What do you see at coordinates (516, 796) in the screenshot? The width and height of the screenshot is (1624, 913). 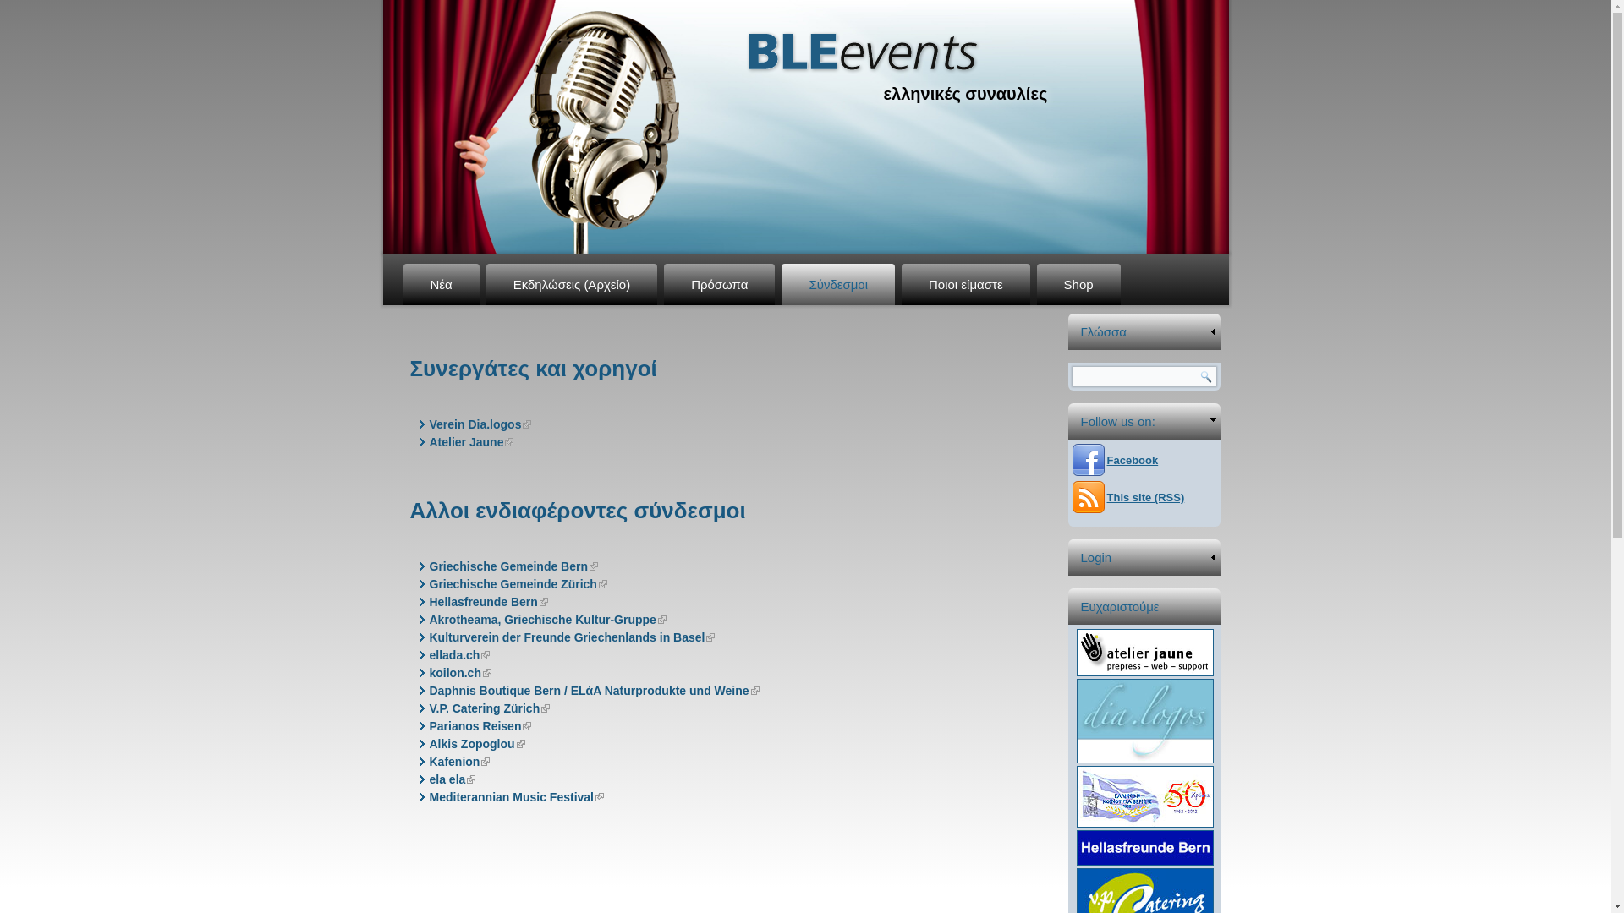 I see `'Mediterannian Music Festival` at bounding box center [516, 796].